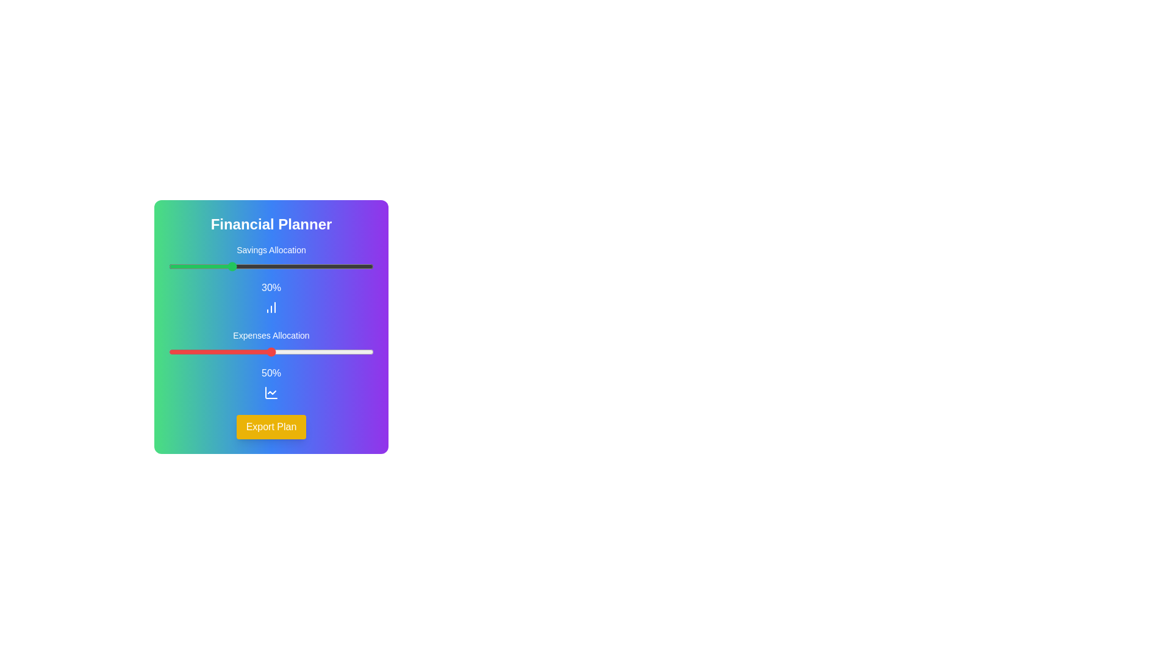 The image size is (1171, 659). I want to click on the expenses allocation slider, so click(322, 352).